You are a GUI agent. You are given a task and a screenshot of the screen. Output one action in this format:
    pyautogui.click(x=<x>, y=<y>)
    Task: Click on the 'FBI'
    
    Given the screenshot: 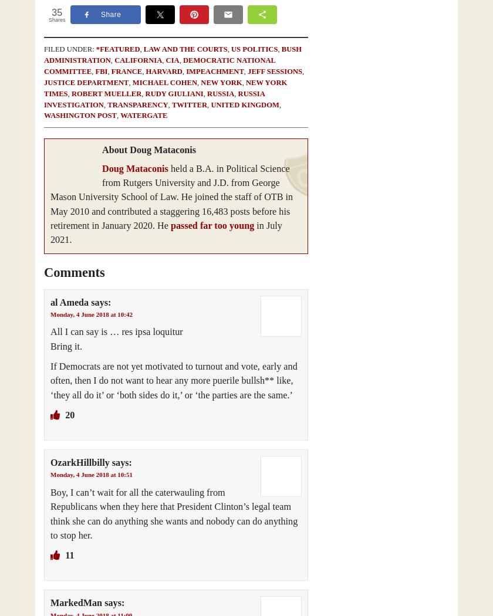 What is the action you would take?
    pyautogui.click(x=101, y=70)
    